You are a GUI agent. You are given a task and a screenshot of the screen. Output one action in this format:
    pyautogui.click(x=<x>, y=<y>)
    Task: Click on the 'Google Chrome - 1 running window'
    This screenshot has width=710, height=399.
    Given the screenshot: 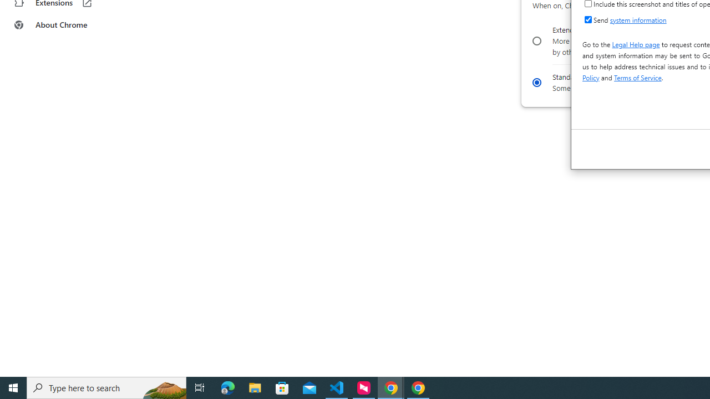 What is the action you would take?
    pyautogui.click(x=418, y=387)
    